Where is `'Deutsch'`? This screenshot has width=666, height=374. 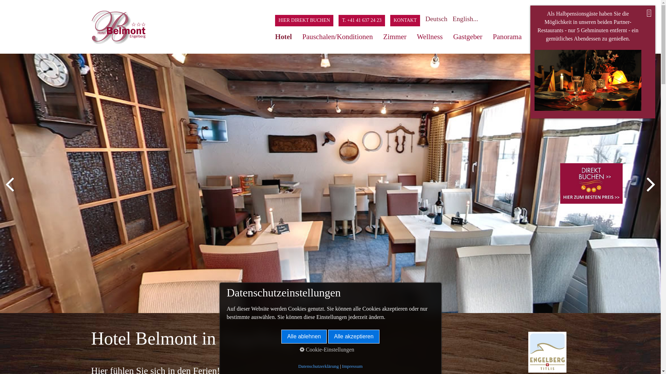
'Deutsch' is located at coordinates (438, 18).